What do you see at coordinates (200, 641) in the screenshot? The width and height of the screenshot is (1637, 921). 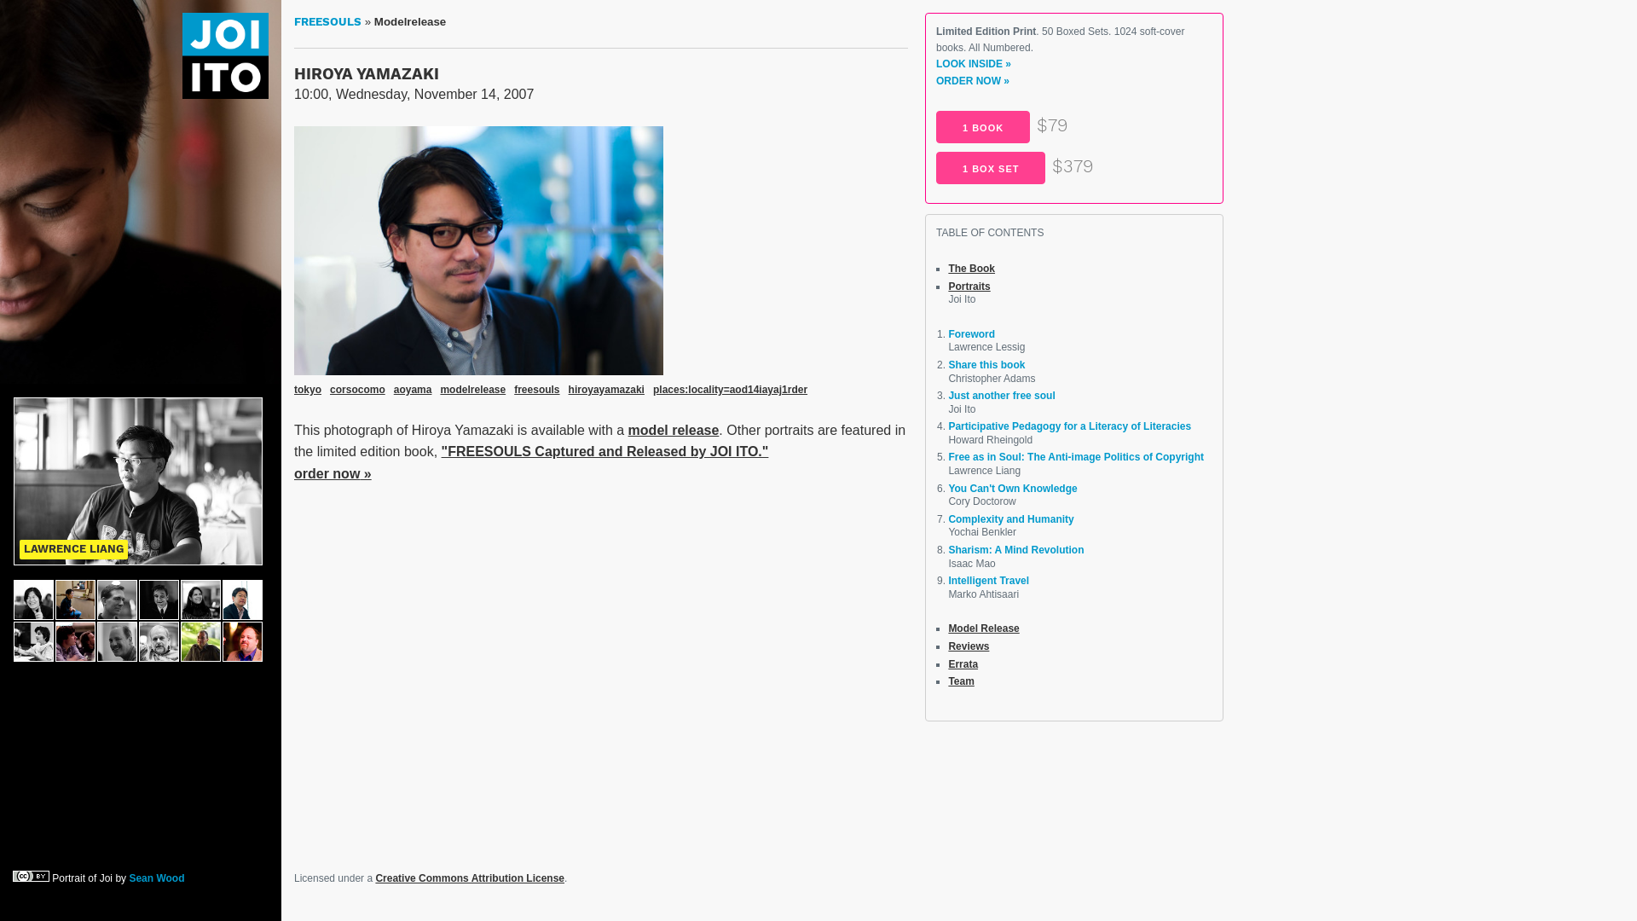 I see `'Kenneth Cukier'` at bounding box center [200, 641].